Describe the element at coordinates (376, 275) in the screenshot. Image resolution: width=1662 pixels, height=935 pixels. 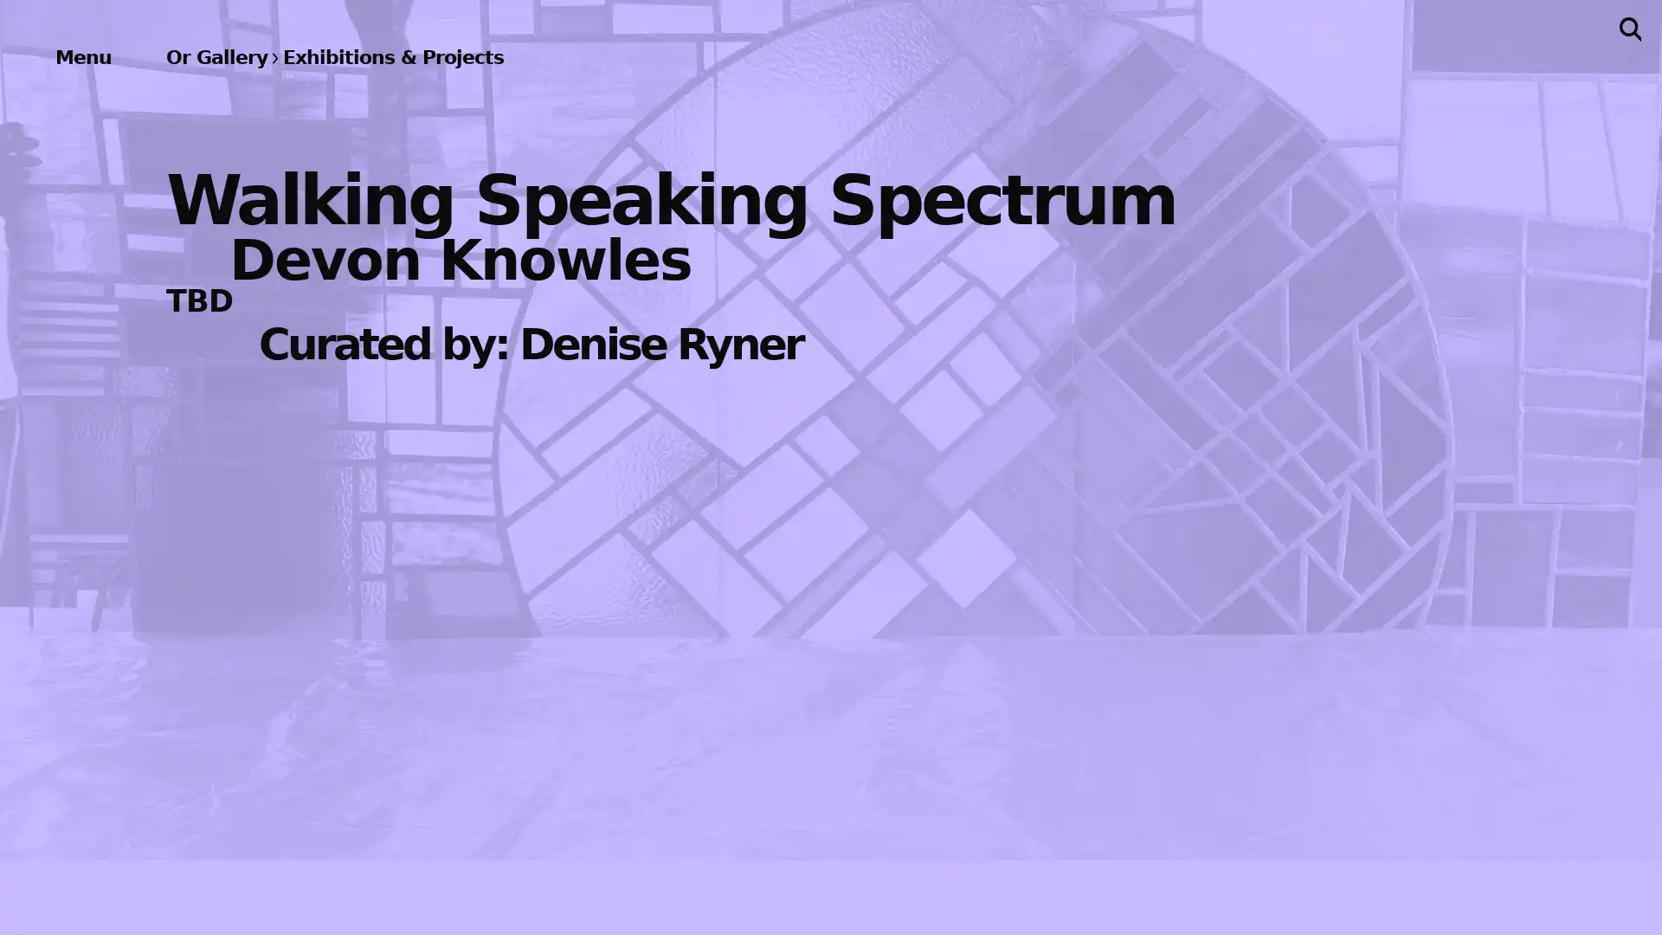
I see `Events` at that location.